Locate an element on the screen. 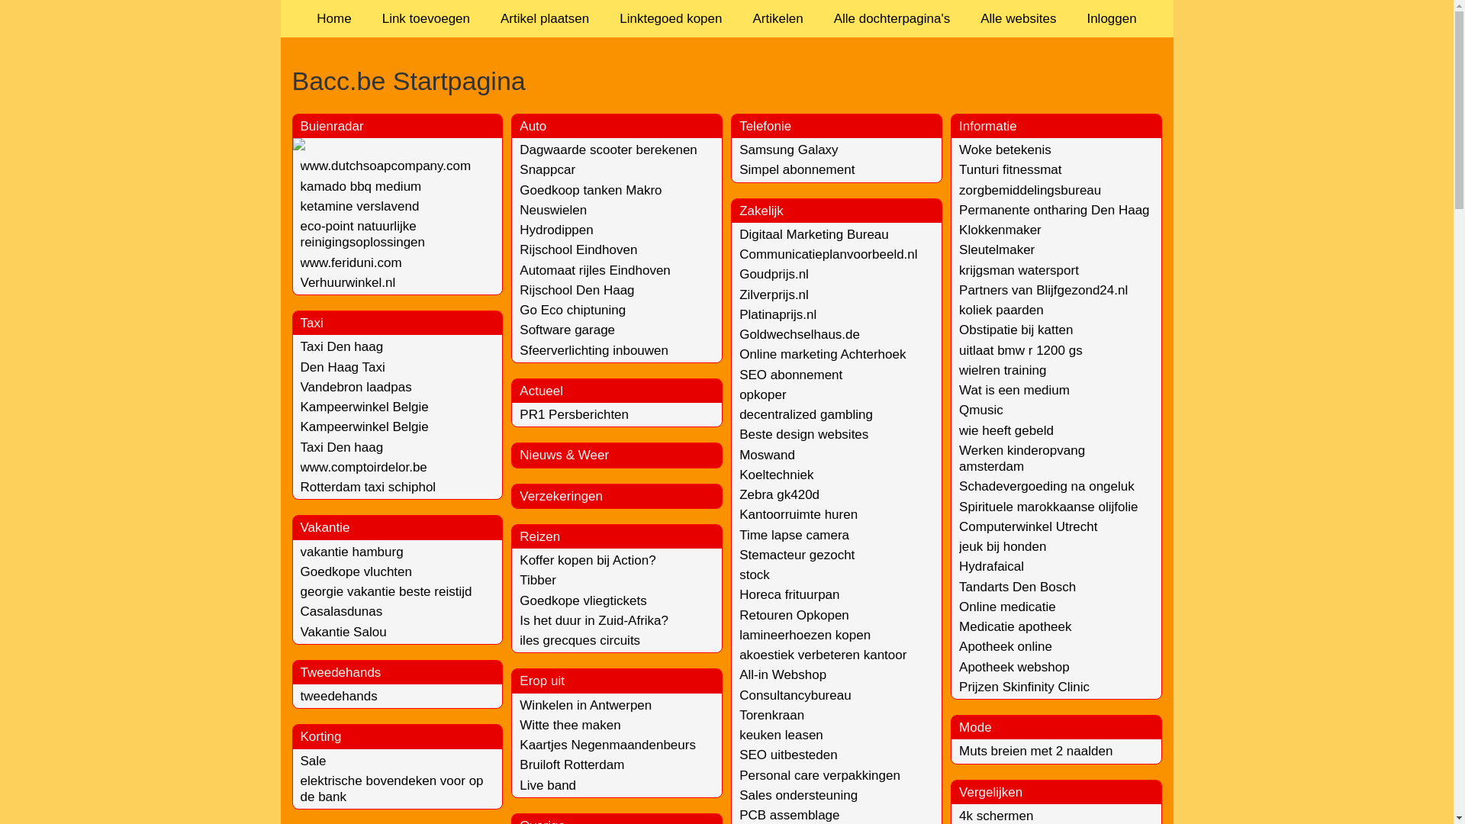 This screenshot has height=824, width=1465. 'Zebra gk420d' is located at coordinates (779, 494).